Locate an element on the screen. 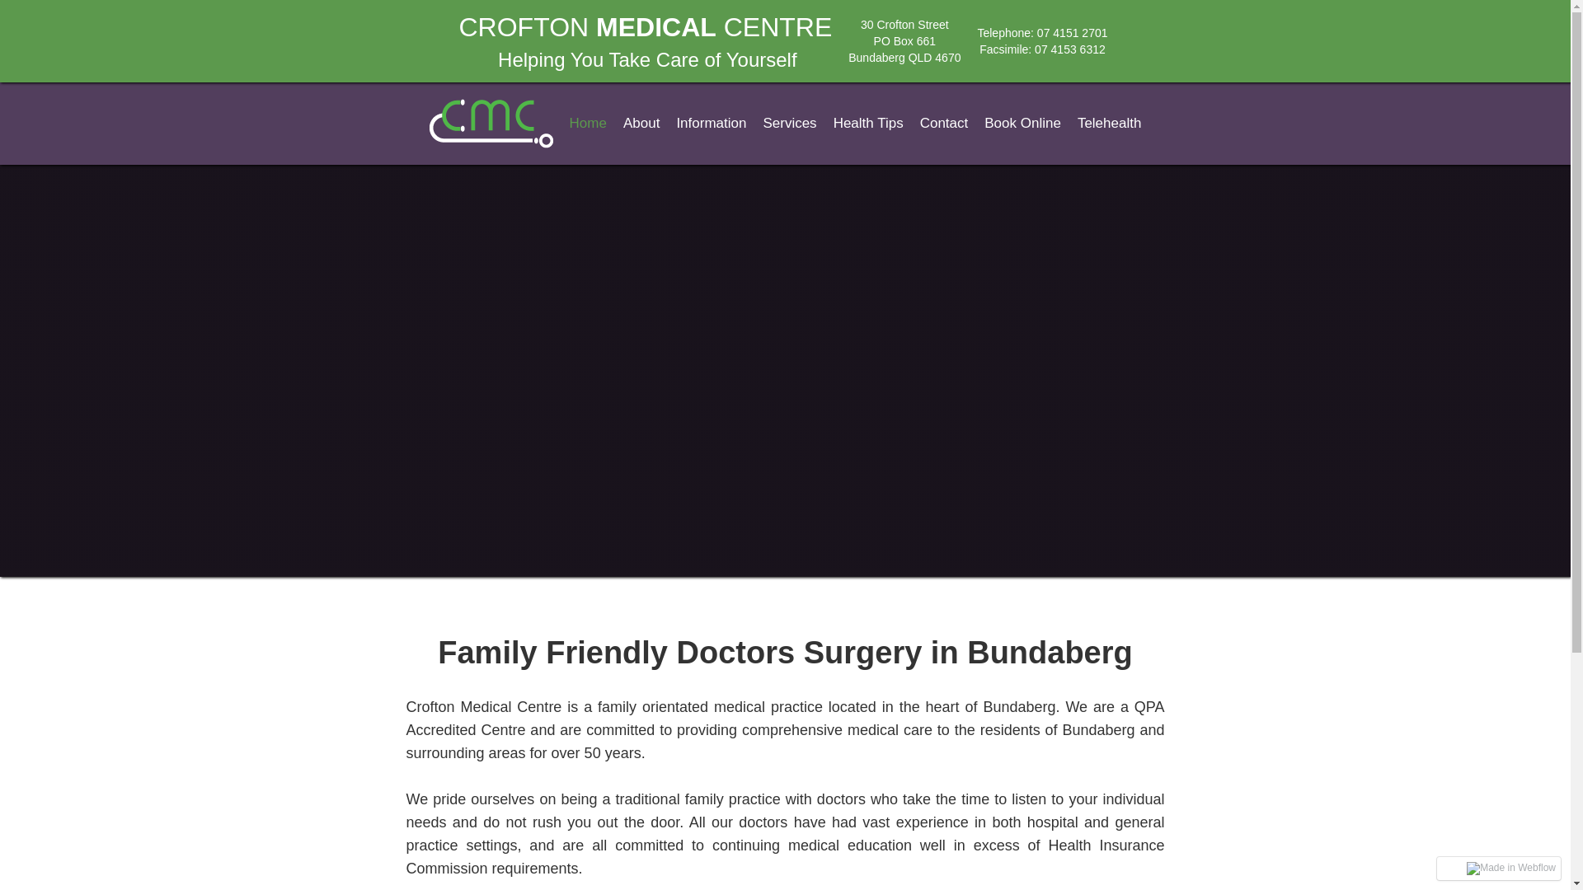 This screenshot has height=890, width=1583. '07 4151 2701' is located at coordinates (1036, 32).